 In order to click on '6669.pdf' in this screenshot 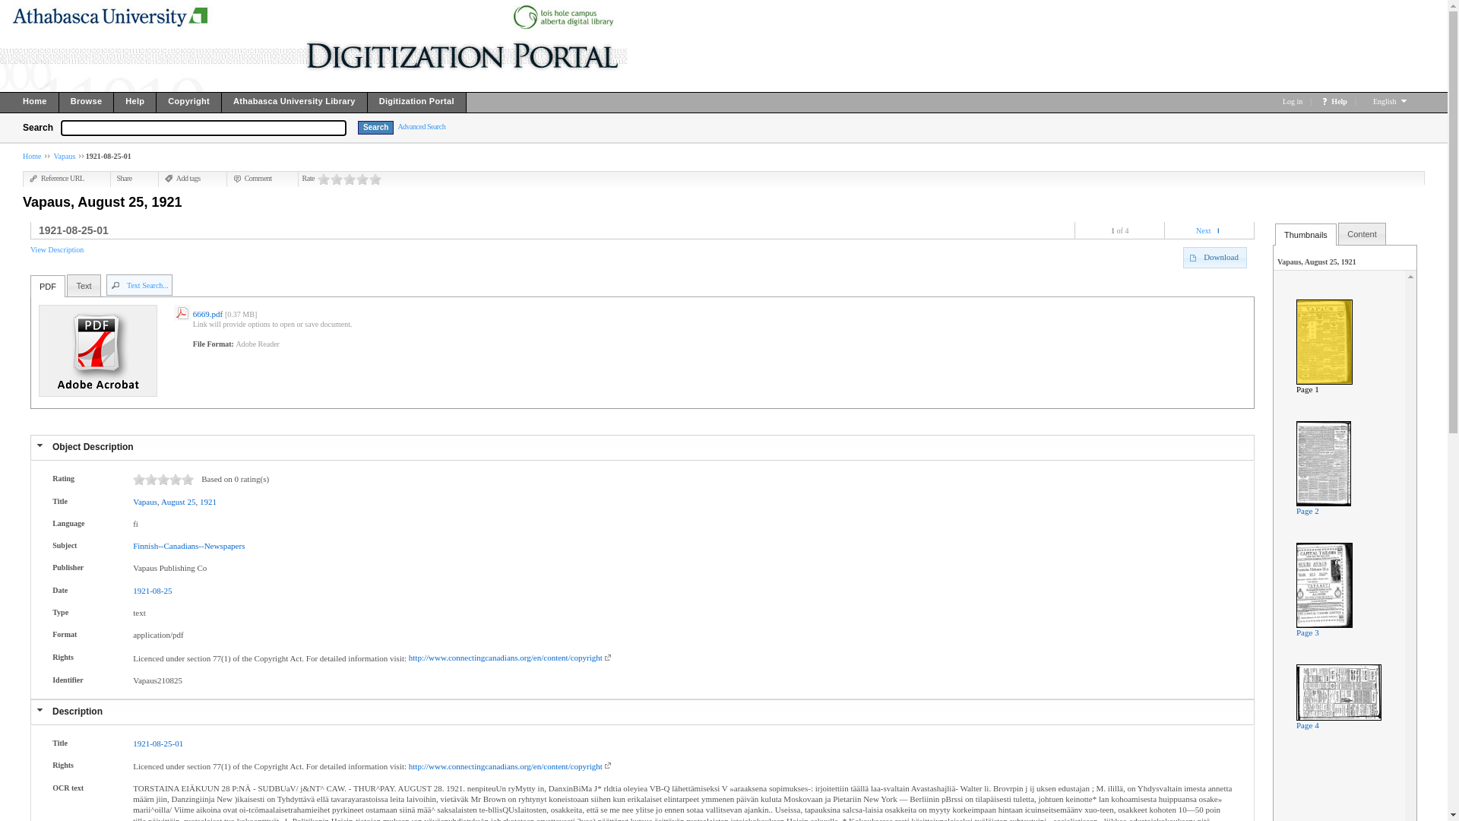, I will do `click(192, 312)`.